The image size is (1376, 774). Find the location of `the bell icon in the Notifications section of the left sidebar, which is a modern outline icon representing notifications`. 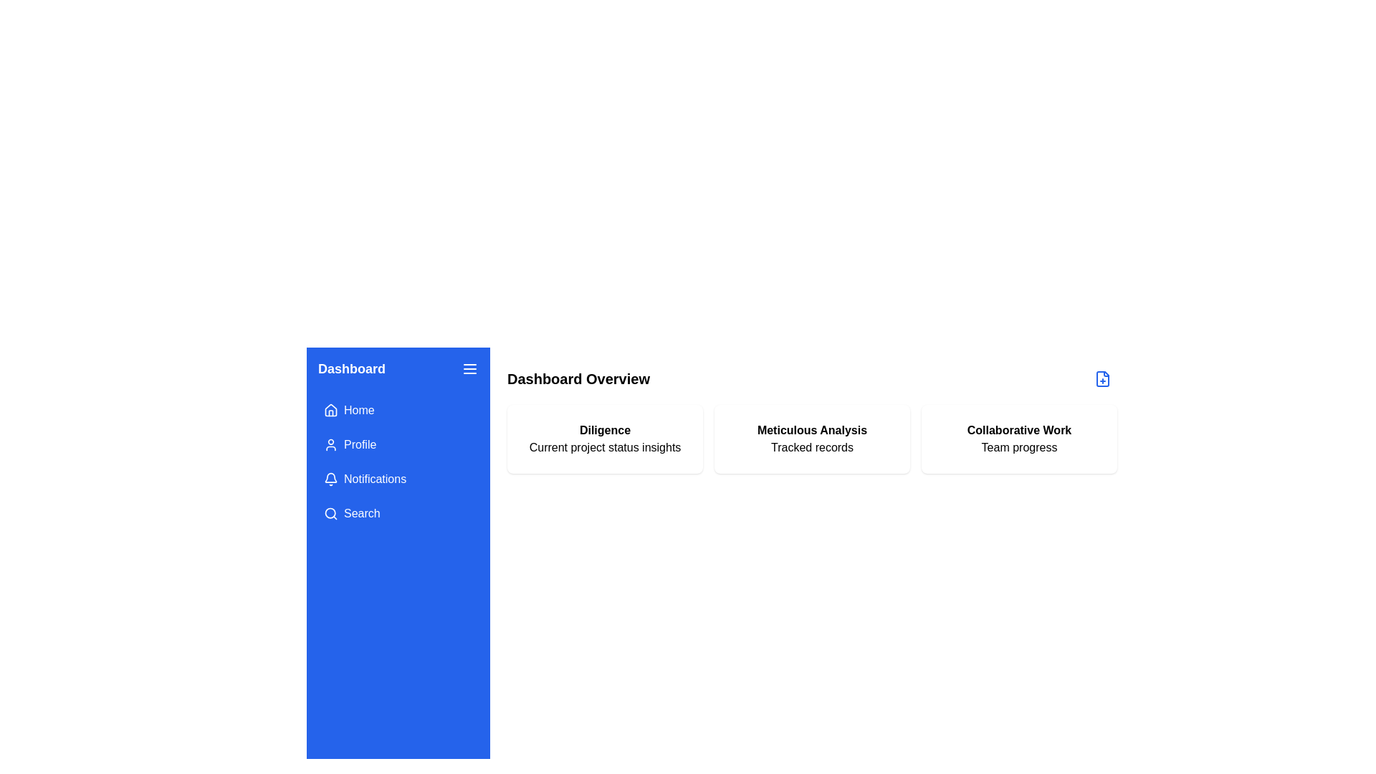

the bell icon in the Notifications section of the left sidebar, which is a modern outline icon representing notifications is located at coordinates (330, 479).